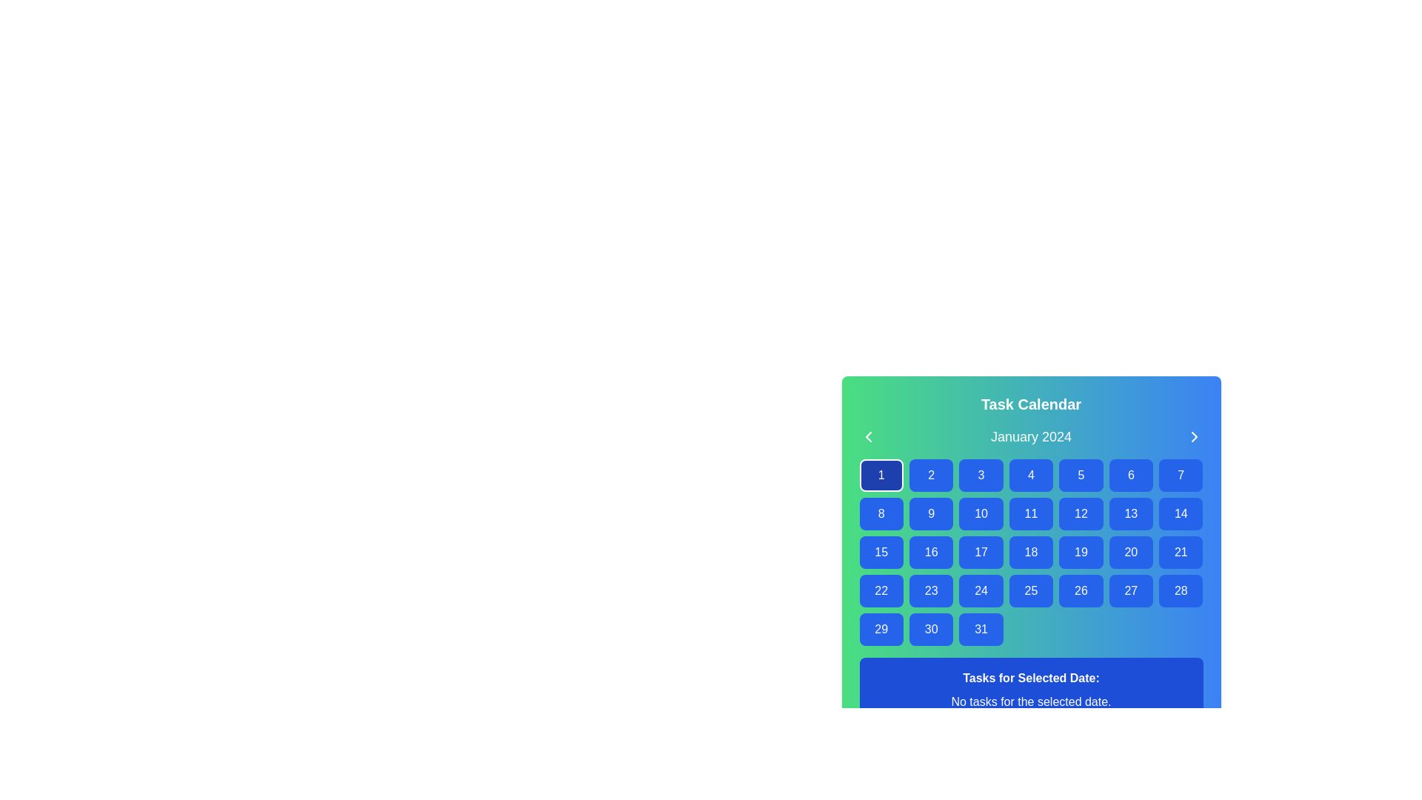  I want to click on the calendar date button representing '11' in the January 2024 calendar grid layout, so click(1030, 513).